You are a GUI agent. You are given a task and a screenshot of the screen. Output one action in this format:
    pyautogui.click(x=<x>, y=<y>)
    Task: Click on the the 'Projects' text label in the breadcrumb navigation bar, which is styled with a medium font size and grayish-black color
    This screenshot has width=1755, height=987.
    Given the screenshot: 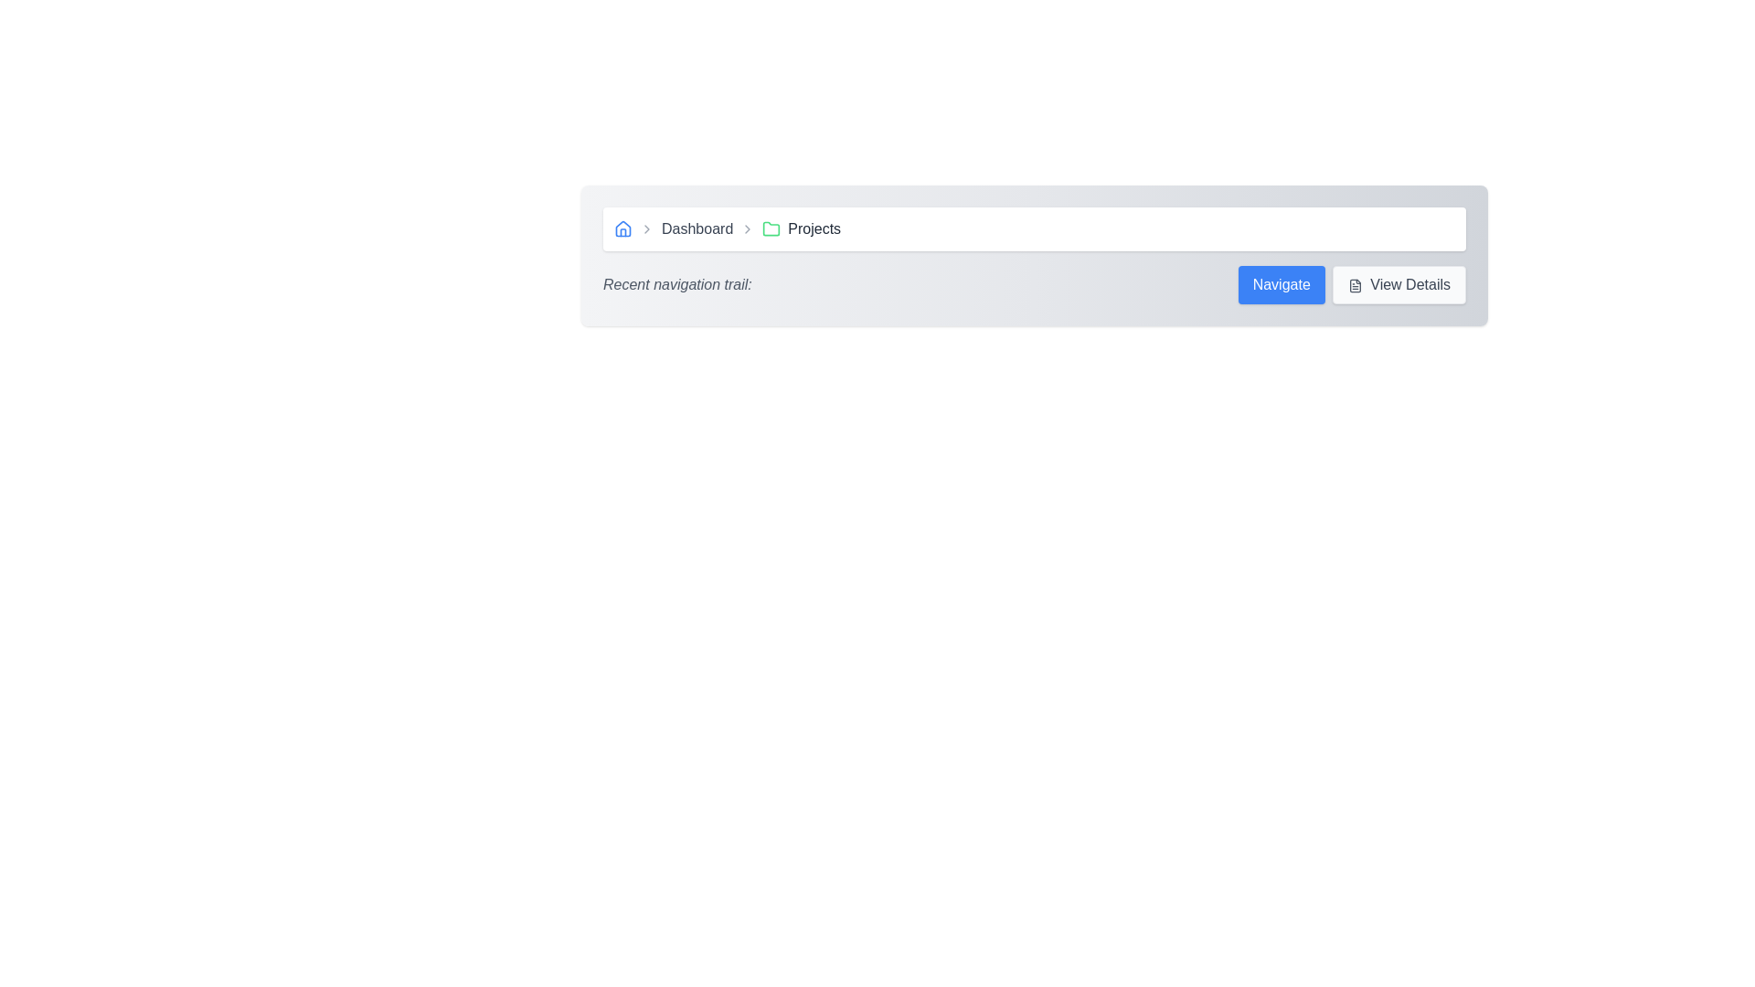 What is the action you would take?
    pyautogui.click(x=814, y=228)
    